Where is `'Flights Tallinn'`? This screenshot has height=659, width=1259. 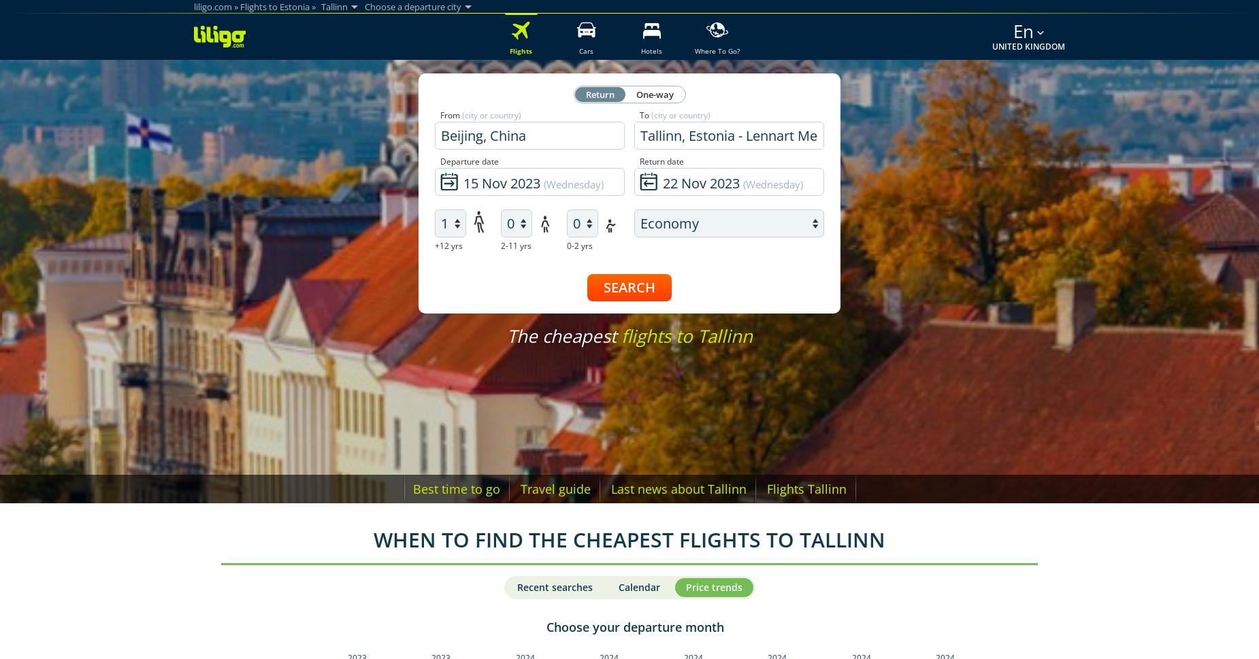 'Flights Tallinn' is located at coordinates (805, 488).